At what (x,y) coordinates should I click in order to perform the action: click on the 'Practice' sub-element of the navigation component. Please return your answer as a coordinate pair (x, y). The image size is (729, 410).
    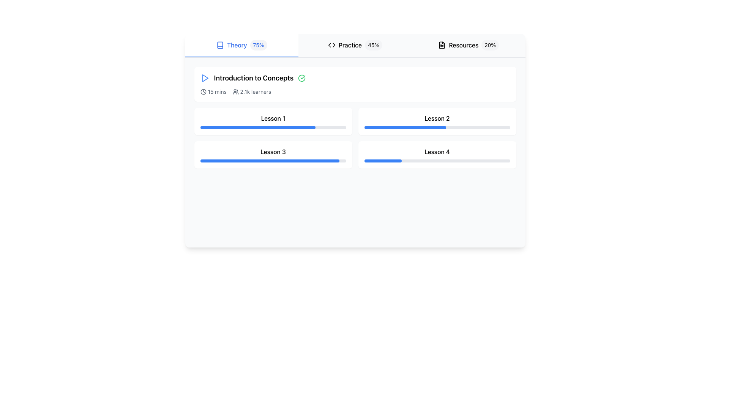
    Looking at the image, I should click on (355, 45).